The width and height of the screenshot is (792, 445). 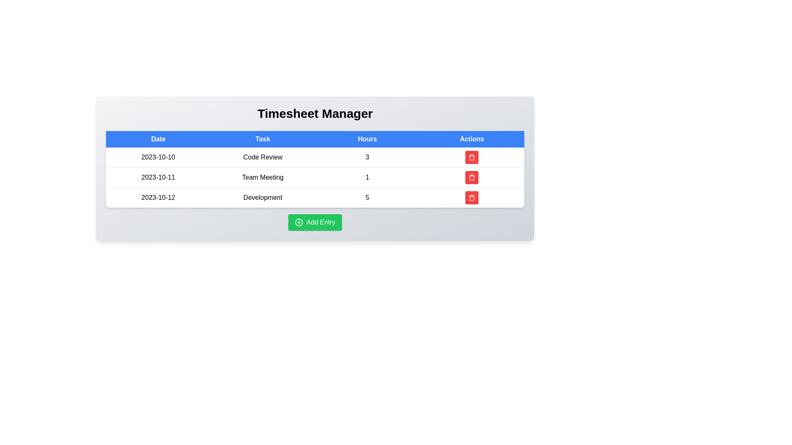 What do you see at coordinates (298, 222) in the screenshot?
I see `the green circular plus icon located on the left side of the 'Add Entry' button at the bottom center of the interface` at bounding box center [298, 222].